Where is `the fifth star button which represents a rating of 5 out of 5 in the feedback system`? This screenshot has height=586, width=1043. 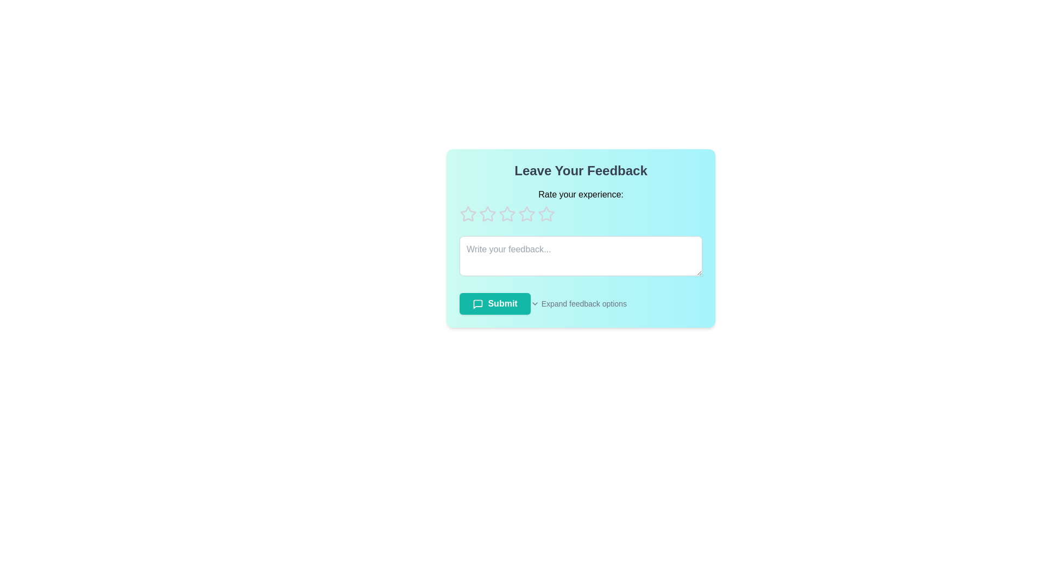
the fifth star button which represents a rating of 5 out of 5 in the feedback system is located at coordinates (546, 214).